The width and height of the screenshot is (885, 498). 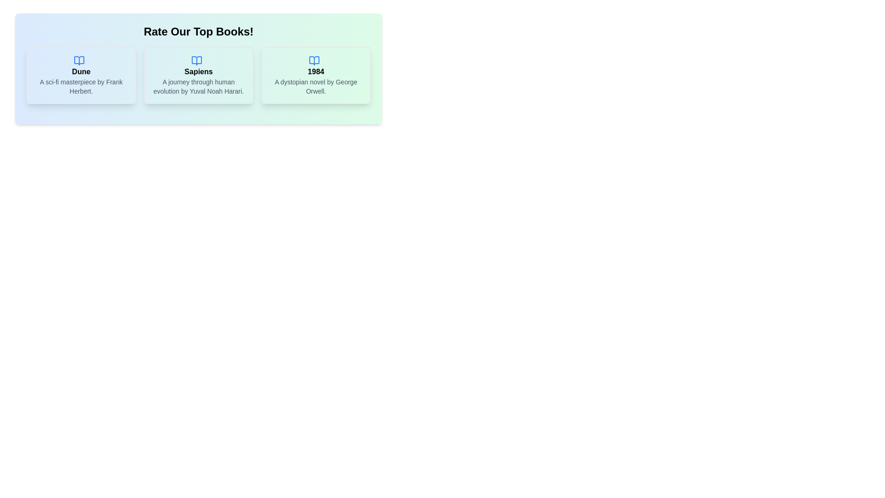 What do you see at coordinates (196, 60) in the screenshot?
I see `the blue outlined half of the open book icon located near the 'Sapiens' title` at bounding box center [196, 60].